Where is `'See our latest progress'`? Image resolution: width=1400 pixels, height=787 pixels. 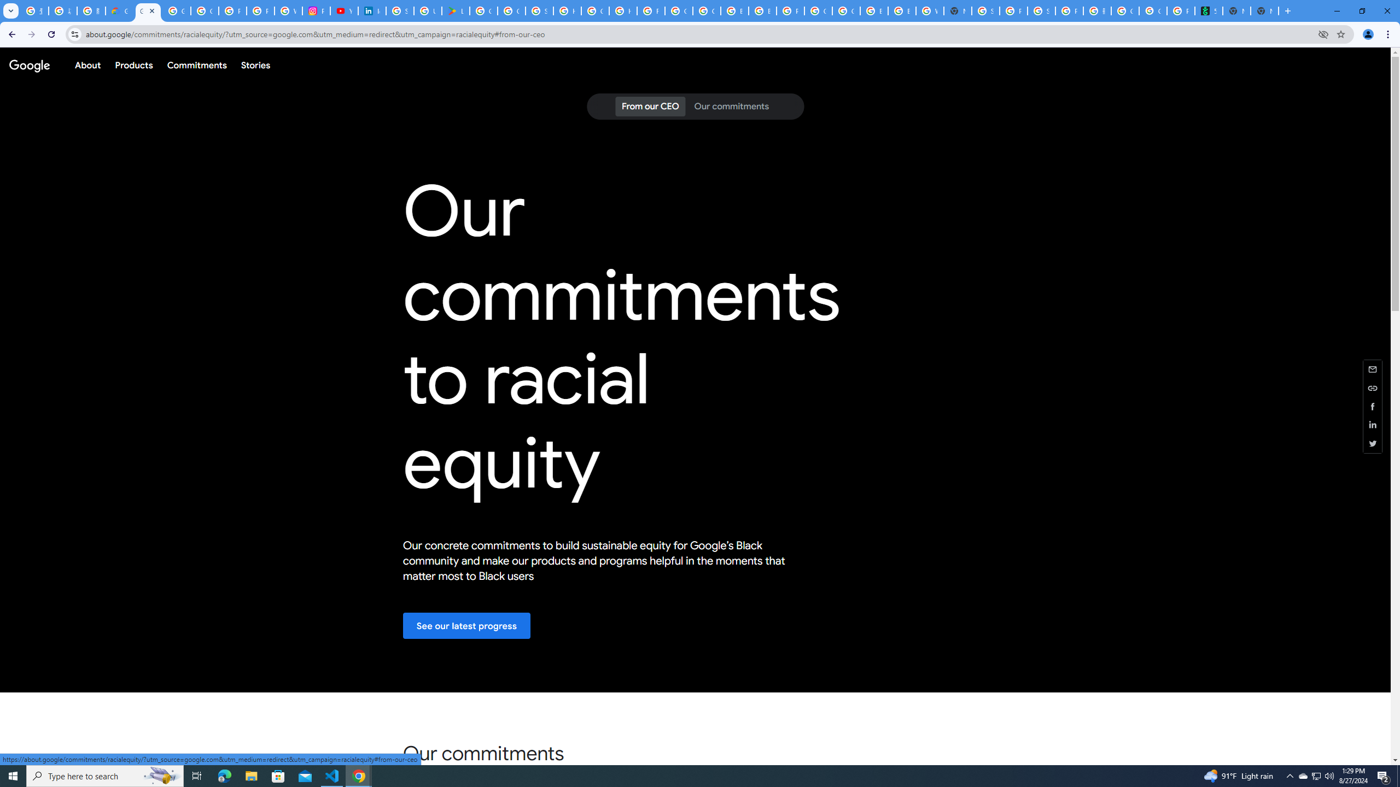 'See our latest progress' is located at coordinates (466, 625).